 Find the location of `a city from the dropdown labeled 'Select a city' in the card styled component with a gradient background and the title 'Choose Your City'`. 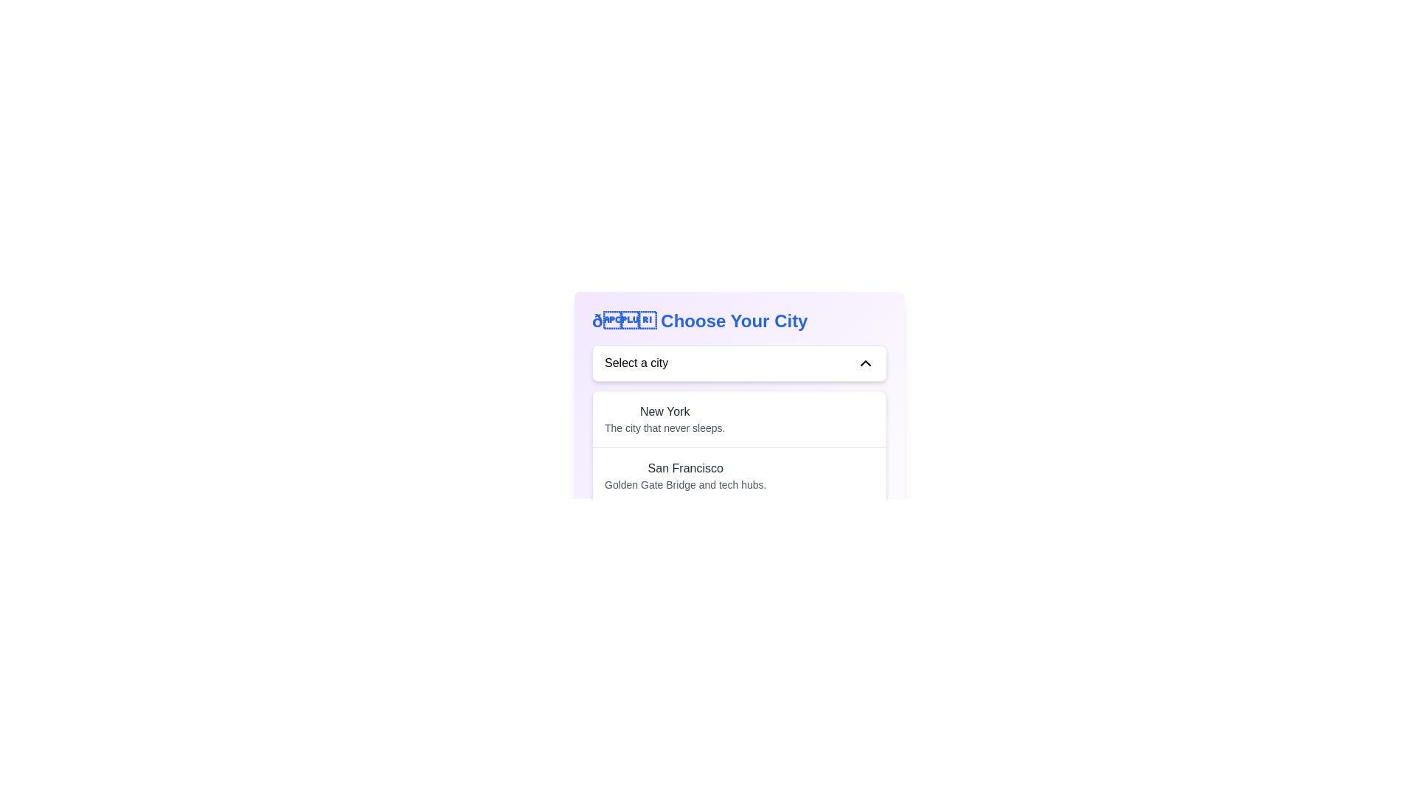

a city from the dropdown labeled 'Select a city' in the card styled component with a gradient background and the title 'Choose Your City' is located at coordinates (740, 463).